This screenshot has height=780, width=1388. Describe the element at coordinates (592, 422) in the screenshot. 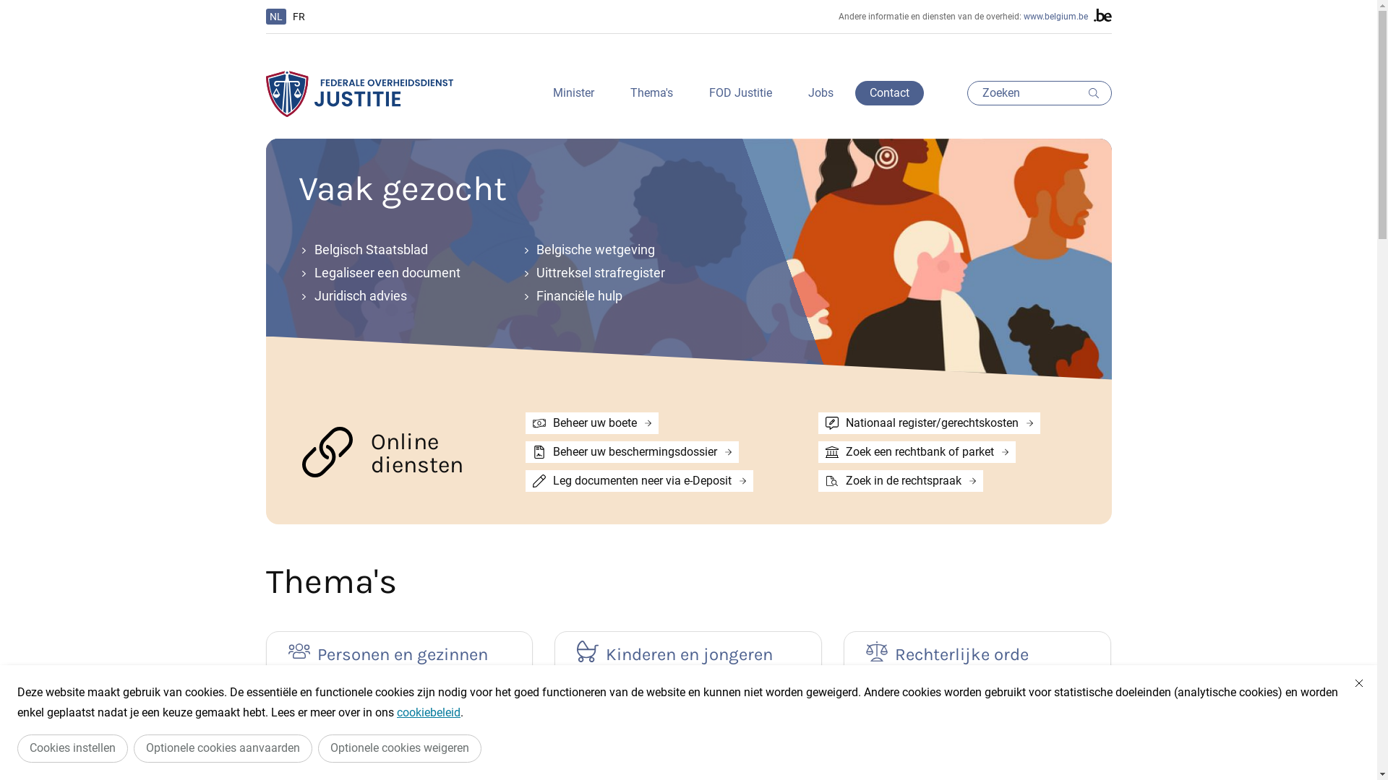

I see `'Beheer uw boete'` at that location.